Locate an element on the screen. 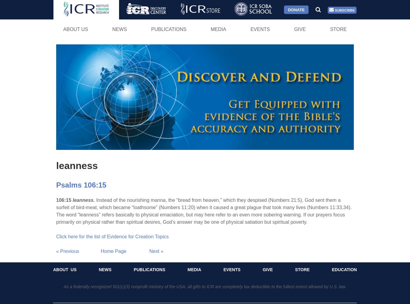  'Psalms 106:15' is located at coordinates (81, 184).